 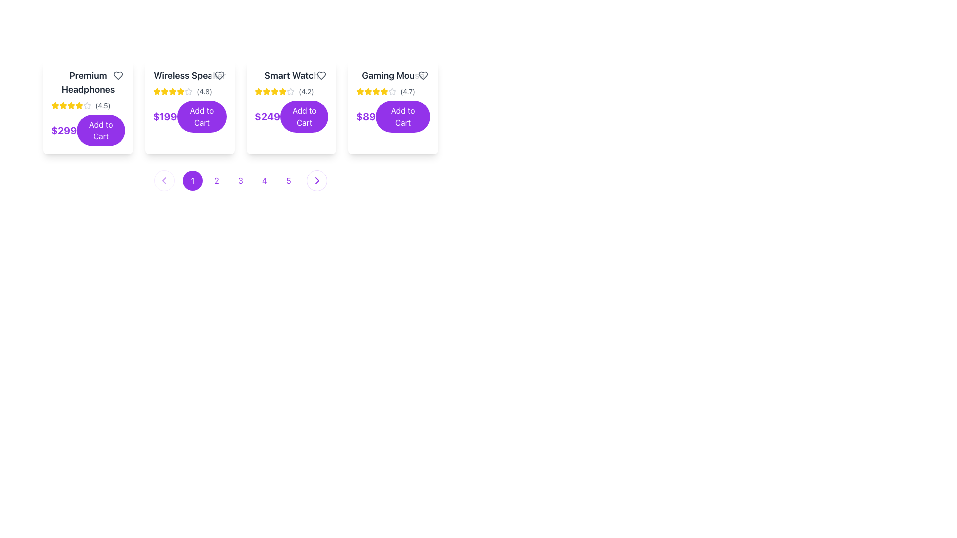 What do you see at coordinates (384, 92) in the screenshot?
I see `the sixth star icon in the rating indicator for the 'Gaming Mouse' product card` at bounding box center [384, 92].